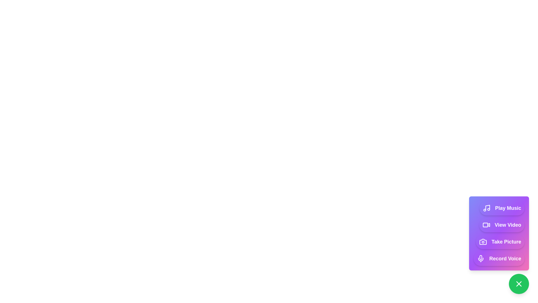 This screenshot has width=538, height=303. I want to click on the Record Voice button to perform its action, so click(499, 258).